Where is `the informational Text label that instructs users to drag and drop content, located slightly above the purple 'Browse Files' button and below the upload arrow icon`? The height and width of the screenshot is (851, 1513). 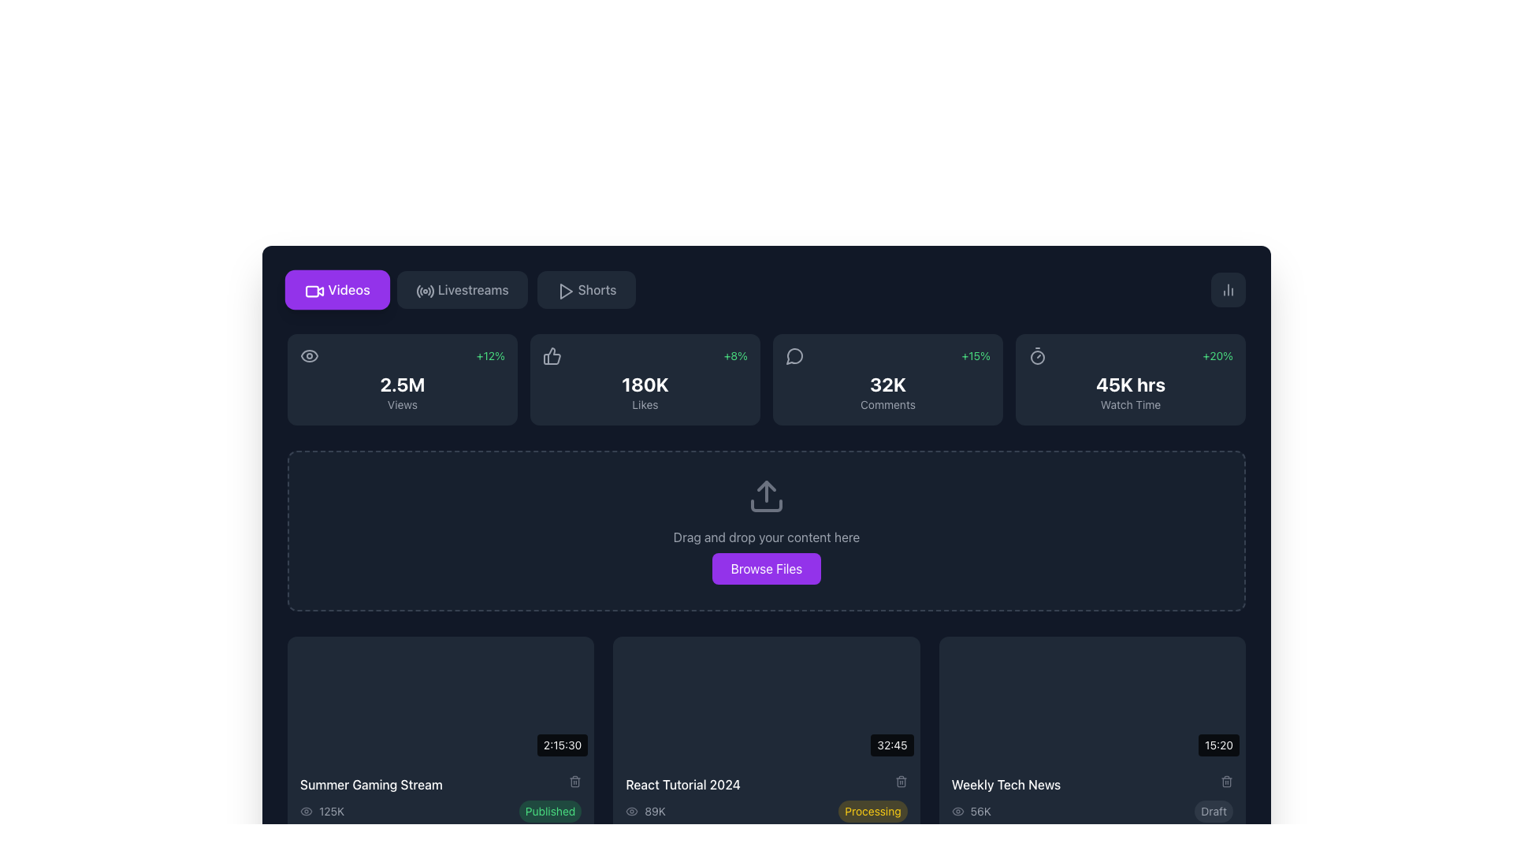 the informational Text label that instructs users to drag and drop content, located slightly above the purple 'Browse Files' button and below the upload arrow icon is located at coordinates (767, 537).